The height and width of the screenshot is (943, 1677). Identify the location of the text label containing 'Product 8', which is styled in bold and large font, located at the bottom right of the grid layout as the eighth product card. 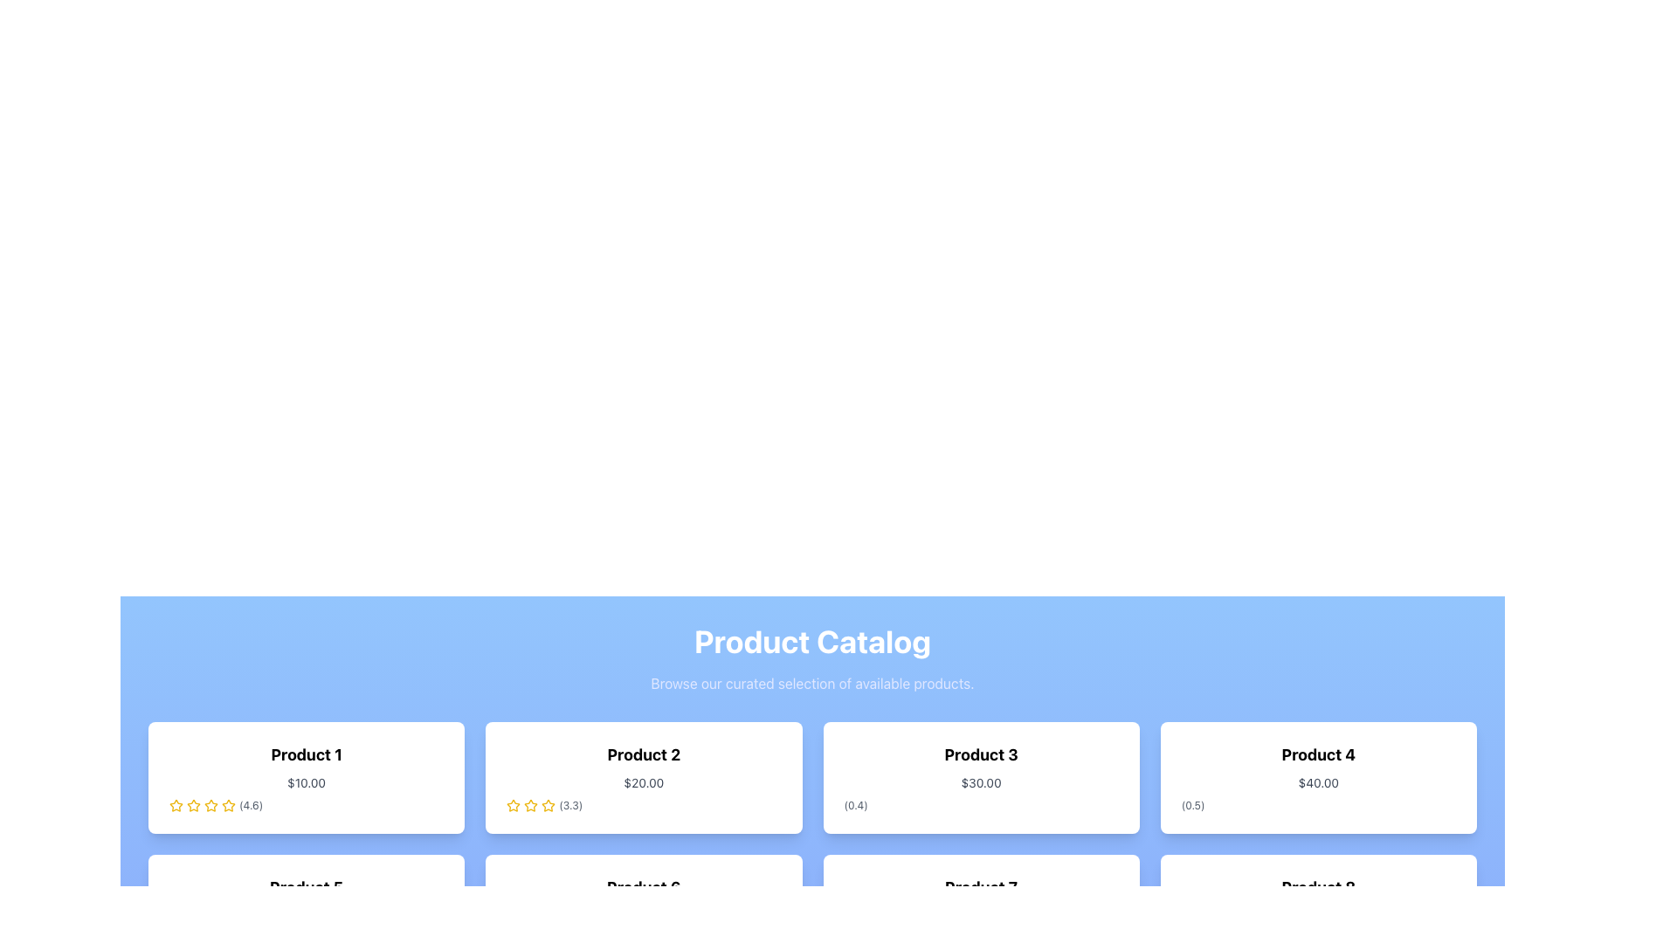
(1318, 888).